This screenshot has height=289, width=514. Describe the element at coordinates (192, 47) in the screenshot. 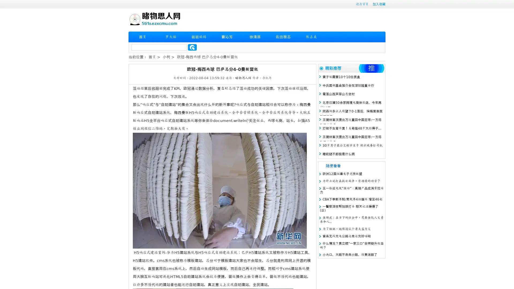

I see `Search` at that location.